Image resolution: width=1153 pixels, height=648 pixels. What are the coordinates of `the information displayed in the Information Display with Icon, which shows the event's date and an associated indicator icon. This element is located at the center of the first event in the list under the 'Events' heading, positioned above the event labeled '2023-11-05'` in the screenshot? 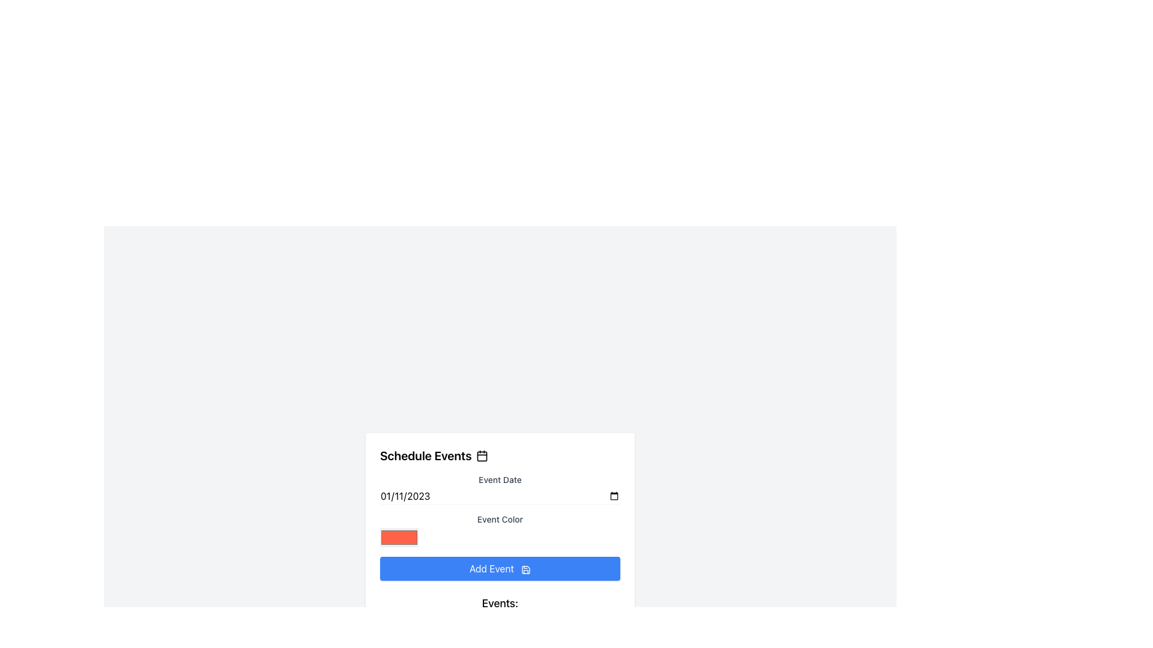 It's located at (500, 626).